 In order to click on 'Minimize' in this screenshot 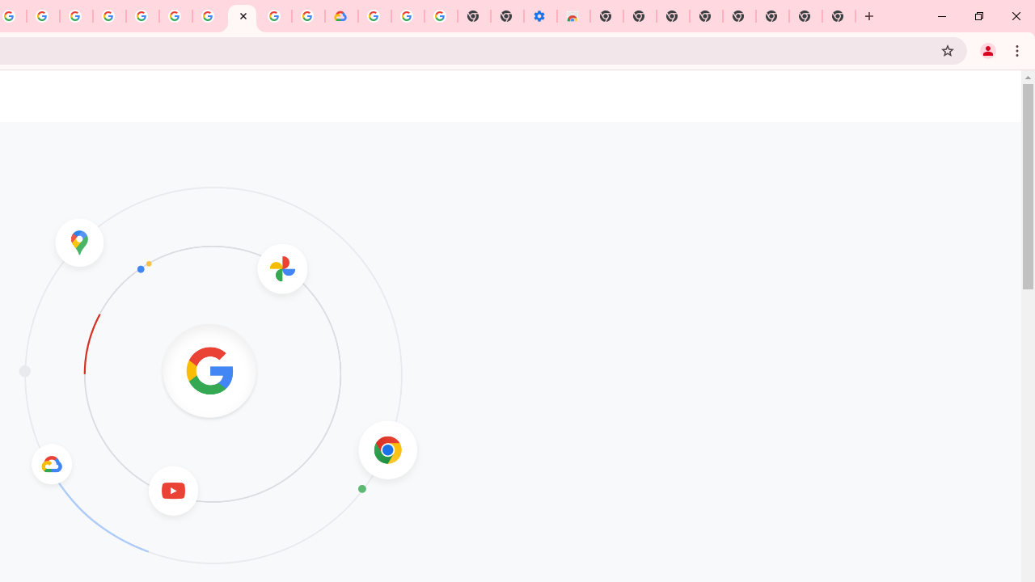, I will do `click(942, 16)`.